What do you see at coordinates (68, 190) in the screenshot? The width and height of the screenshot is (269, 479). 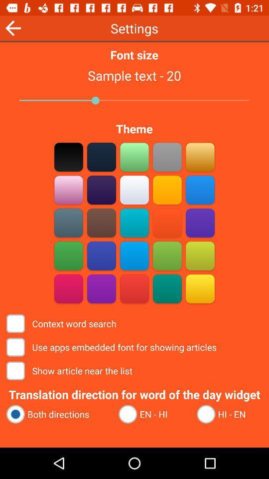 I see `make background pink` at bounding box center [68, 190].